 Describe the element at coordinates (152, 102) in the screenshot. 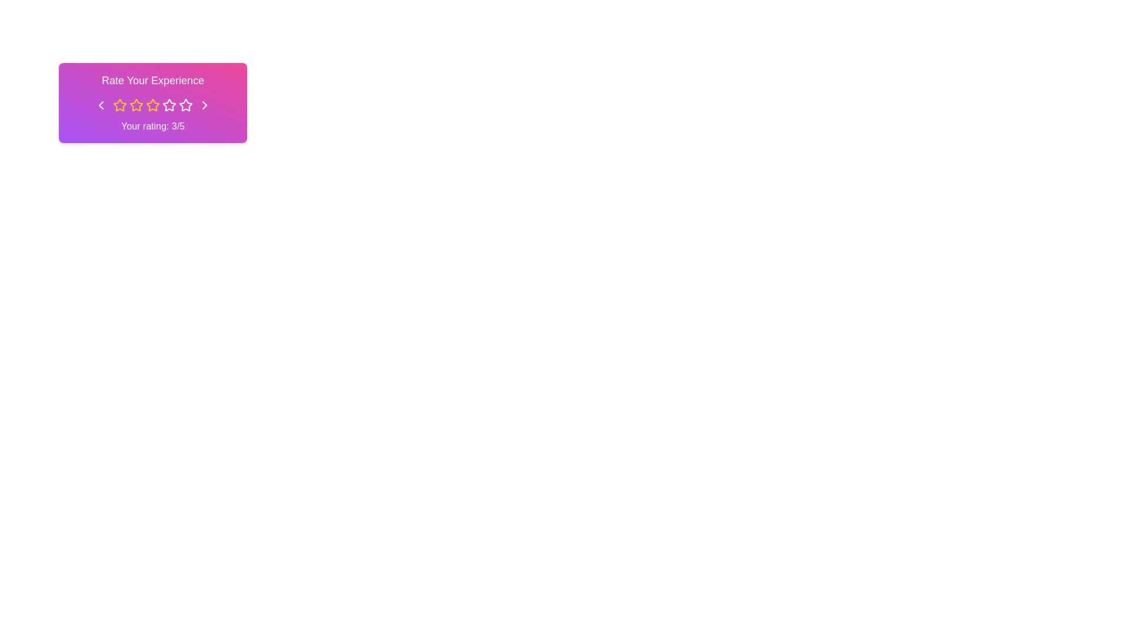

I see `the rating input component titled 'Rate Your Experience' that features a star rating interface and a feedback label` at that location.